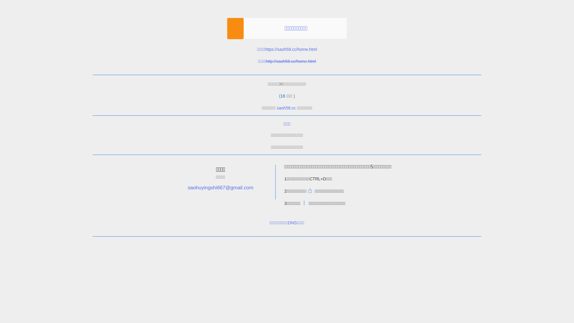 Image resolution: width=574 pixels, height=323 pixels. Describe the element at coordinates (286, 108) in the screenshot. I see `'saoh58.cc'` at that location.